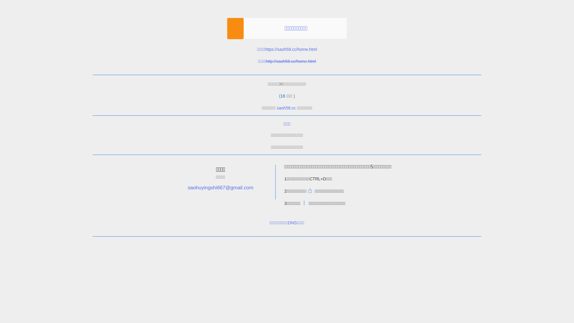 Image resolution: width=574 pixels, height=323 pixels. Describe the element at coordinates (286, 108) in the screenshot. I see `'saoh58.cc'` at that location.